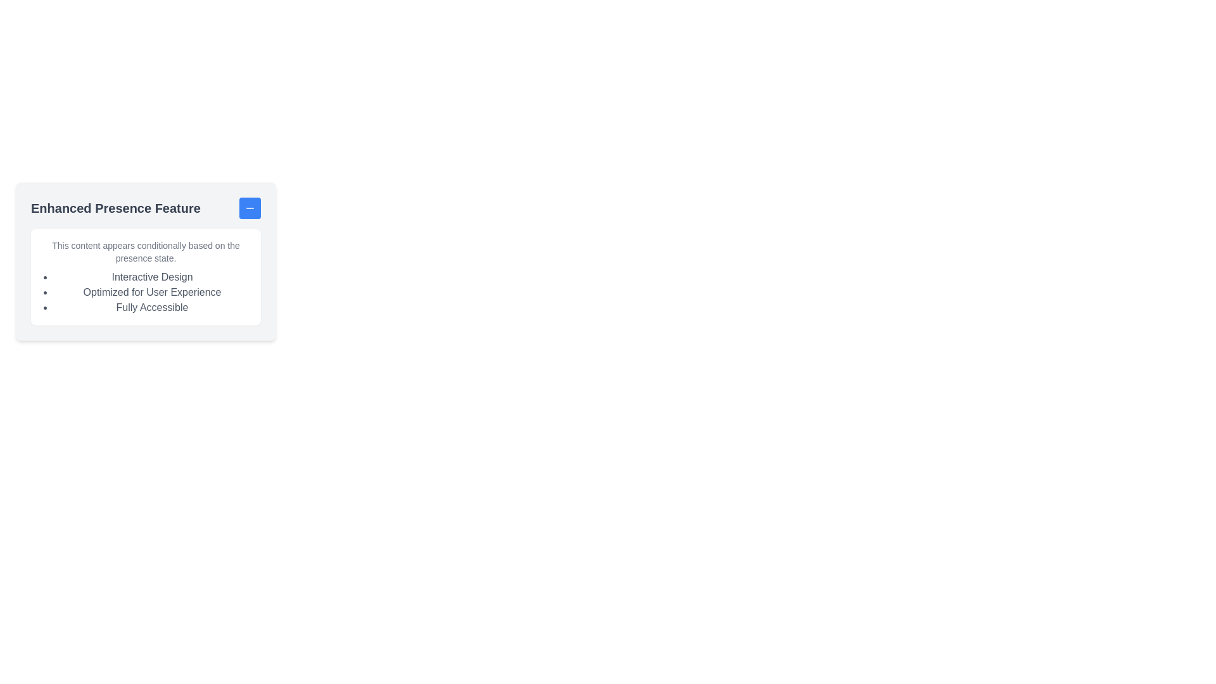  What do you see at coordinates (152, 277) in the screenshot?
I see `the text element stating 'Interactive Design', which is the first item in a bulleted list within a white box labeled 'Enhanced Presence Feature'` at bounding box center [152, 277].